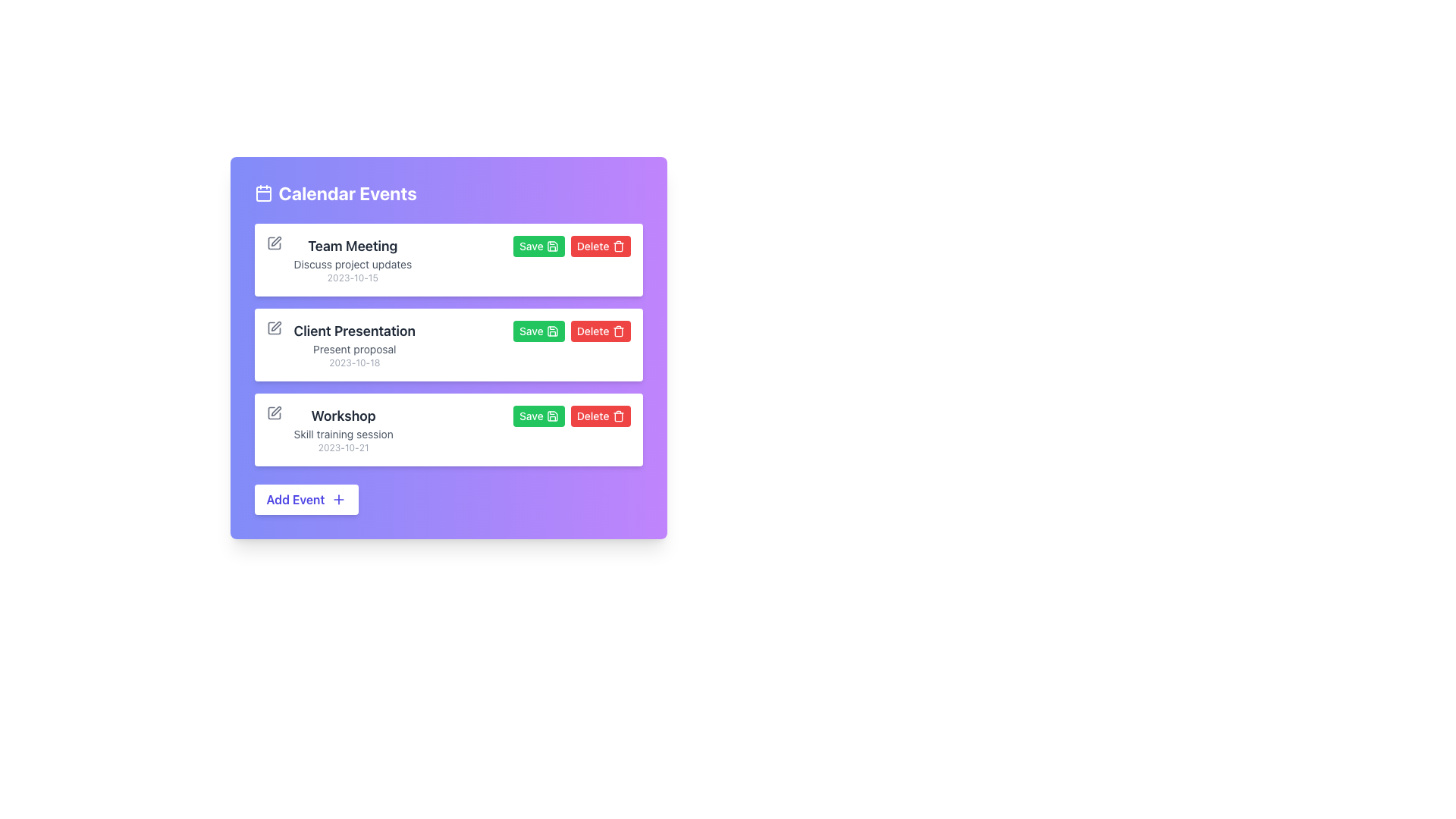 Image resolution: width=1456 pixels, height=819 pixels. I want to click on the Save icon, so click(551, 245).